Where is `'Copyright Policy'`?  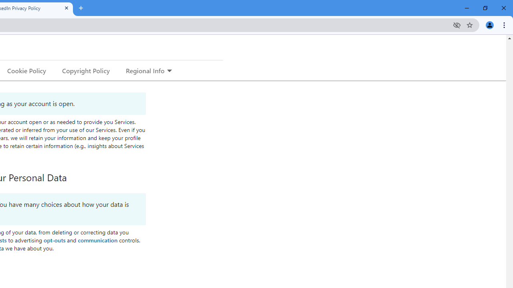
'Copyright Policy' is located at coordinates (85, 70).